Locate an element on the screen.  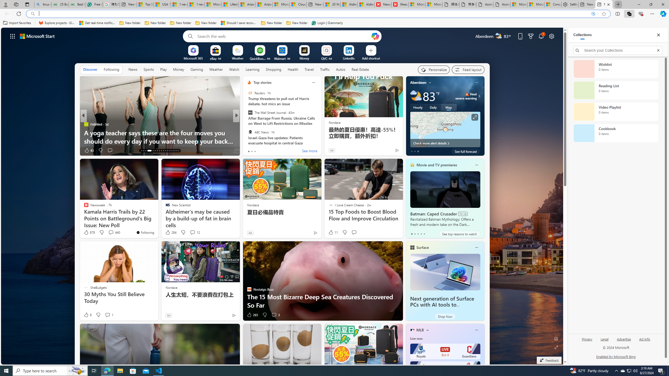
'11 Like' is located at coordinates (332, 232).